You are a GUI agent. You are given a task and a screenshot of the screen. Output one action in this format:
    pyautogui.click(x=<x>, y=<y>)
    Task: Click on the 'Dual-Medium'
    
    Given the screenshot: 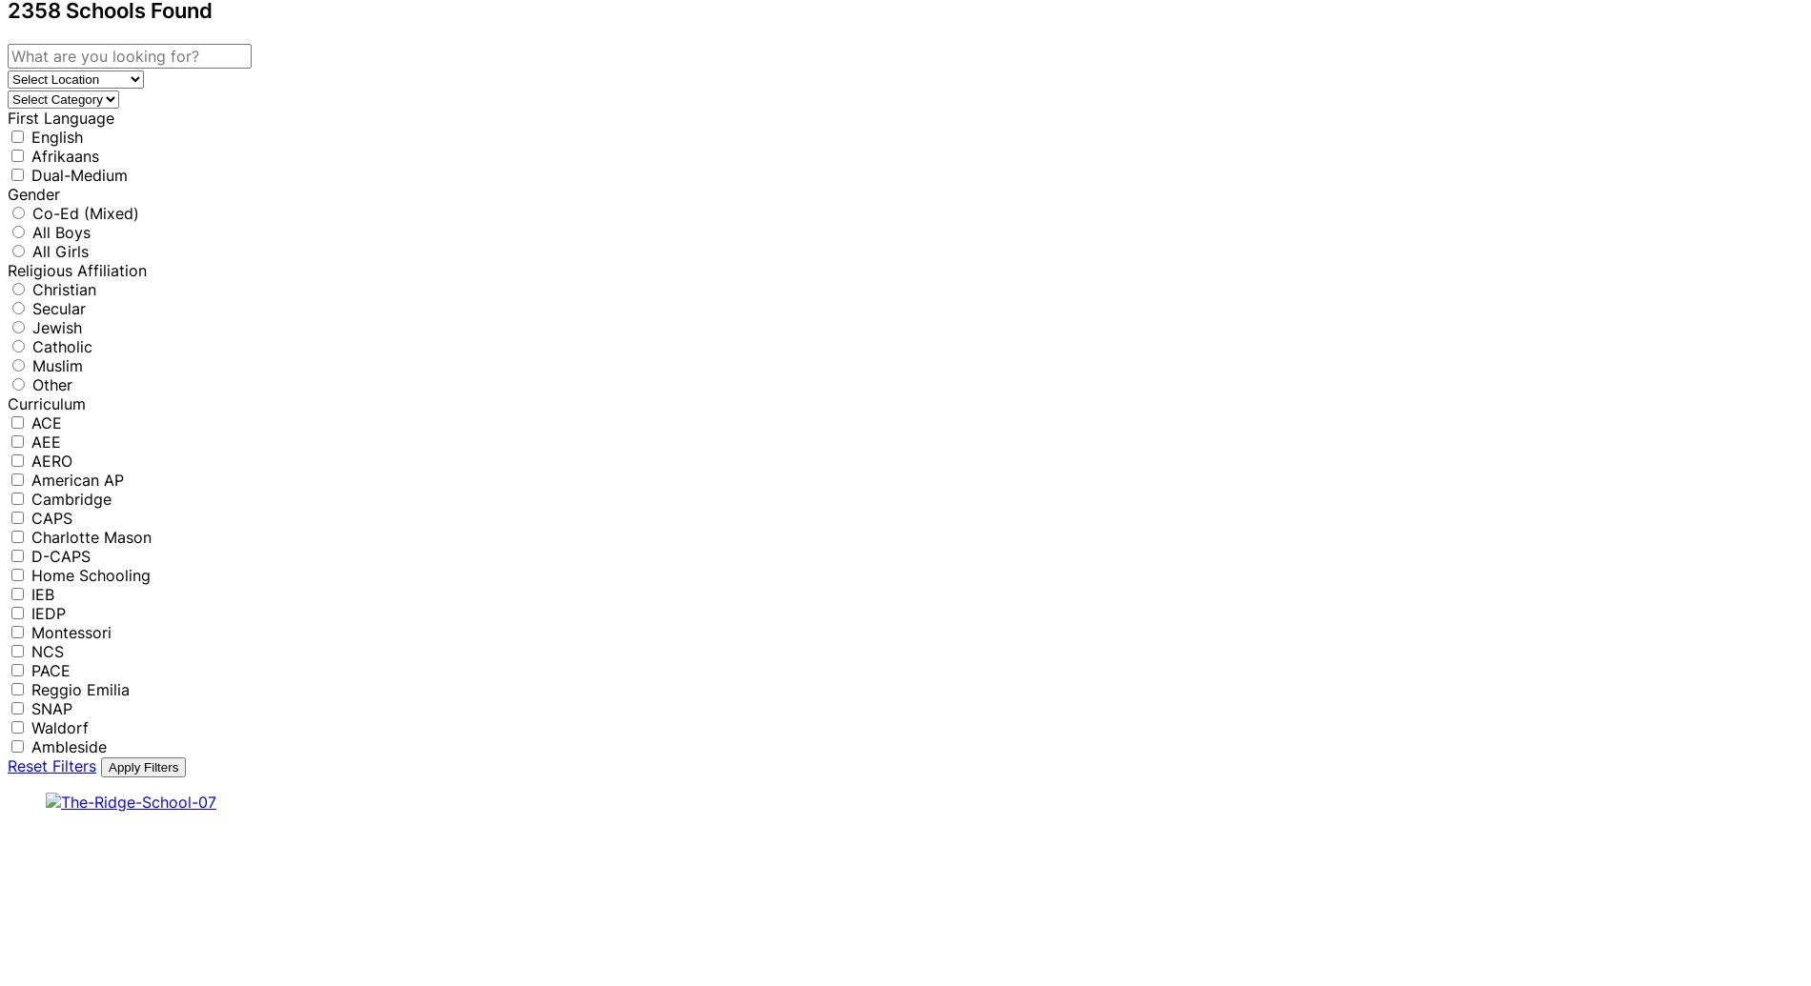 What is the action you would take?
    pyautogui.click(x=79, y=173)
    